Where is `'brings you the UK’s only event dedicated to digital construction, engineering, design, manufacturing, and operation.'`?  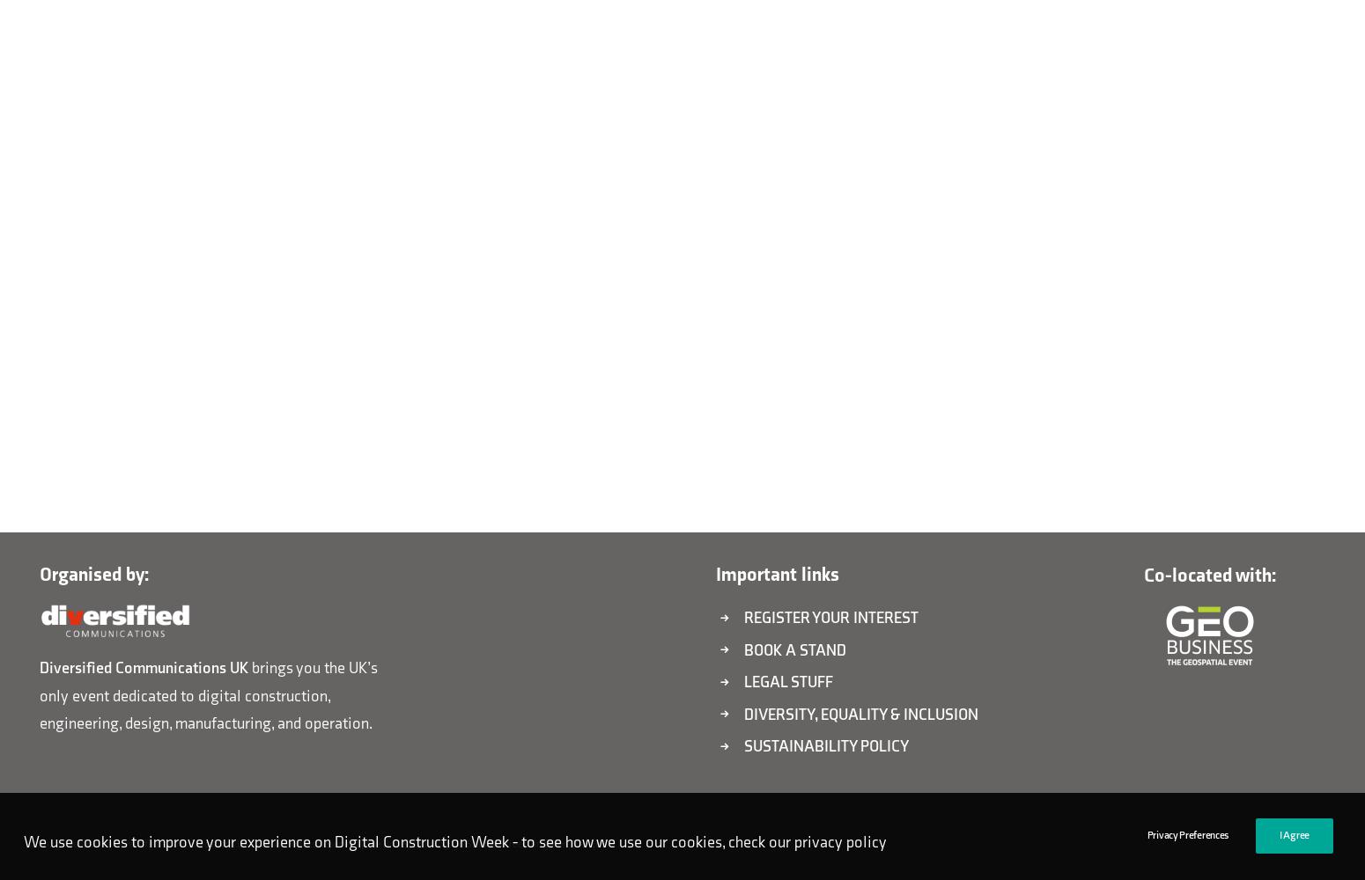
'brings you the UK’s only event dedicated to digital construction, engineering, design, manufacturing, and operation.' is located at coordinates (38, 696).